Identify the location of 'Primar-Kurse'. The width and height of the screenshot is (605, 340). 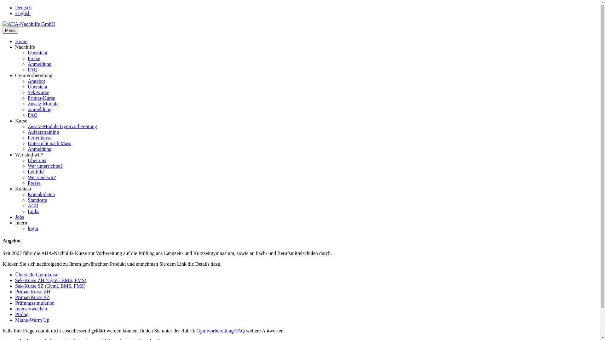
(27, 98).